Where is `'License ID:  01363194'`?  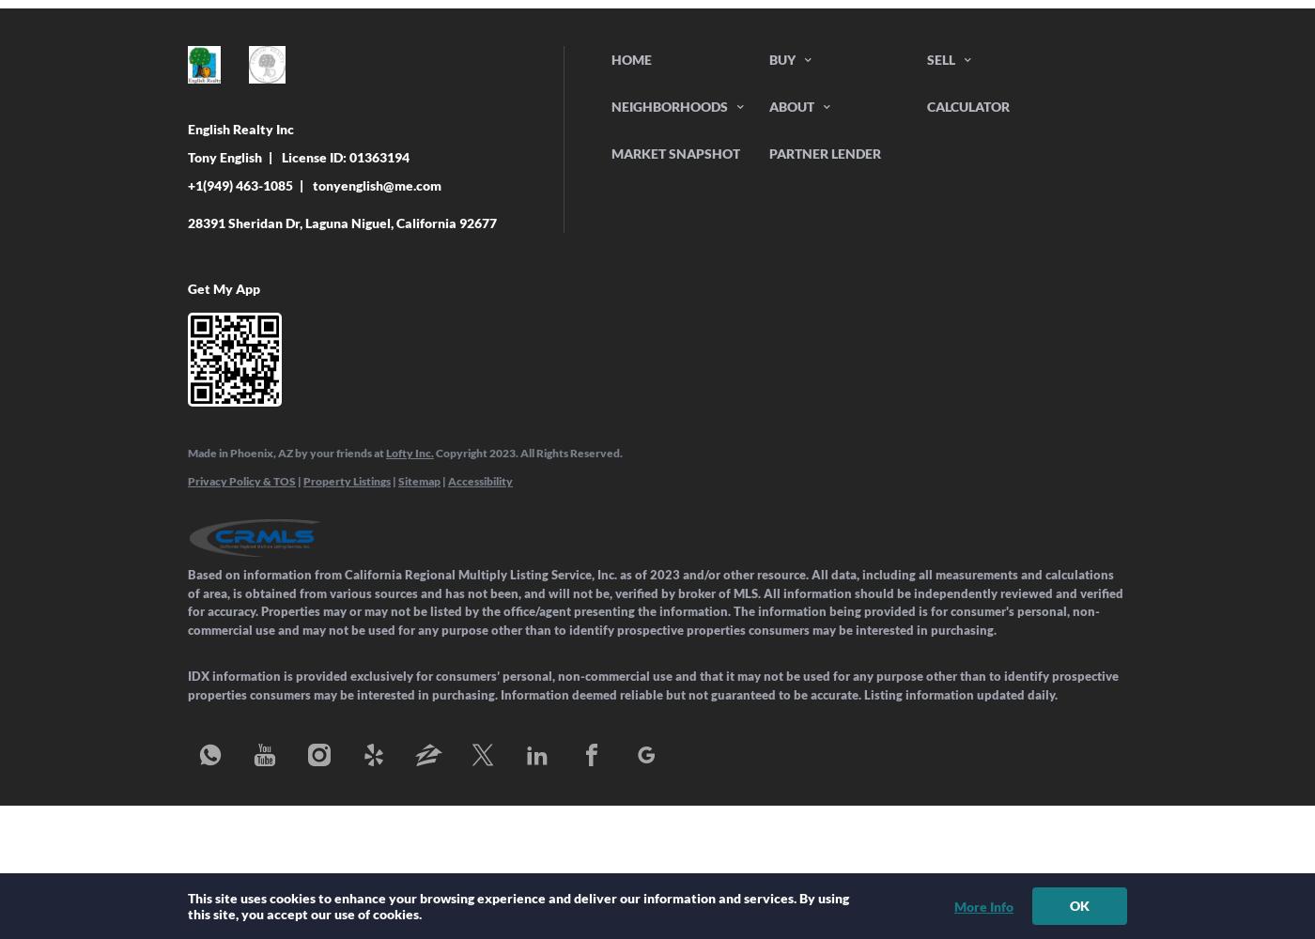
'License ID:  01363194' is located at coordinates (346, 157).